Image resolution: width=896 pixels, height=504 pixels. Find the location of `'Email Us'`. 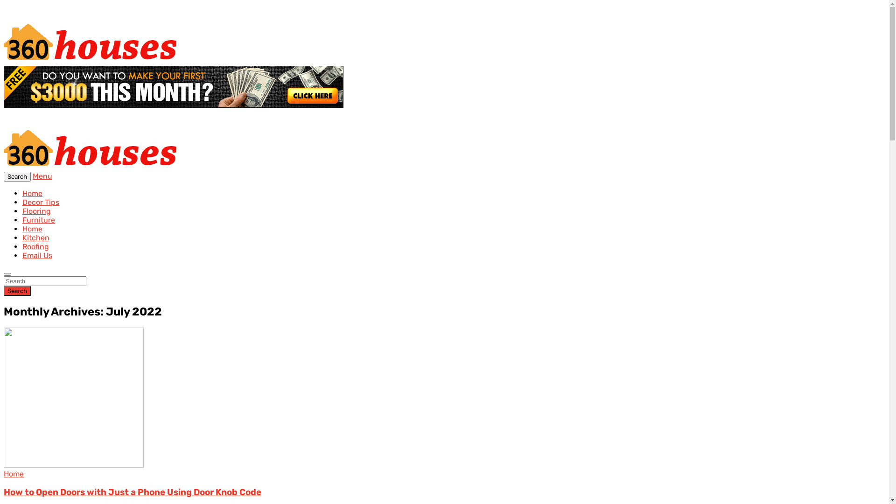

'Email Us' is located at coordinates (22, 255).